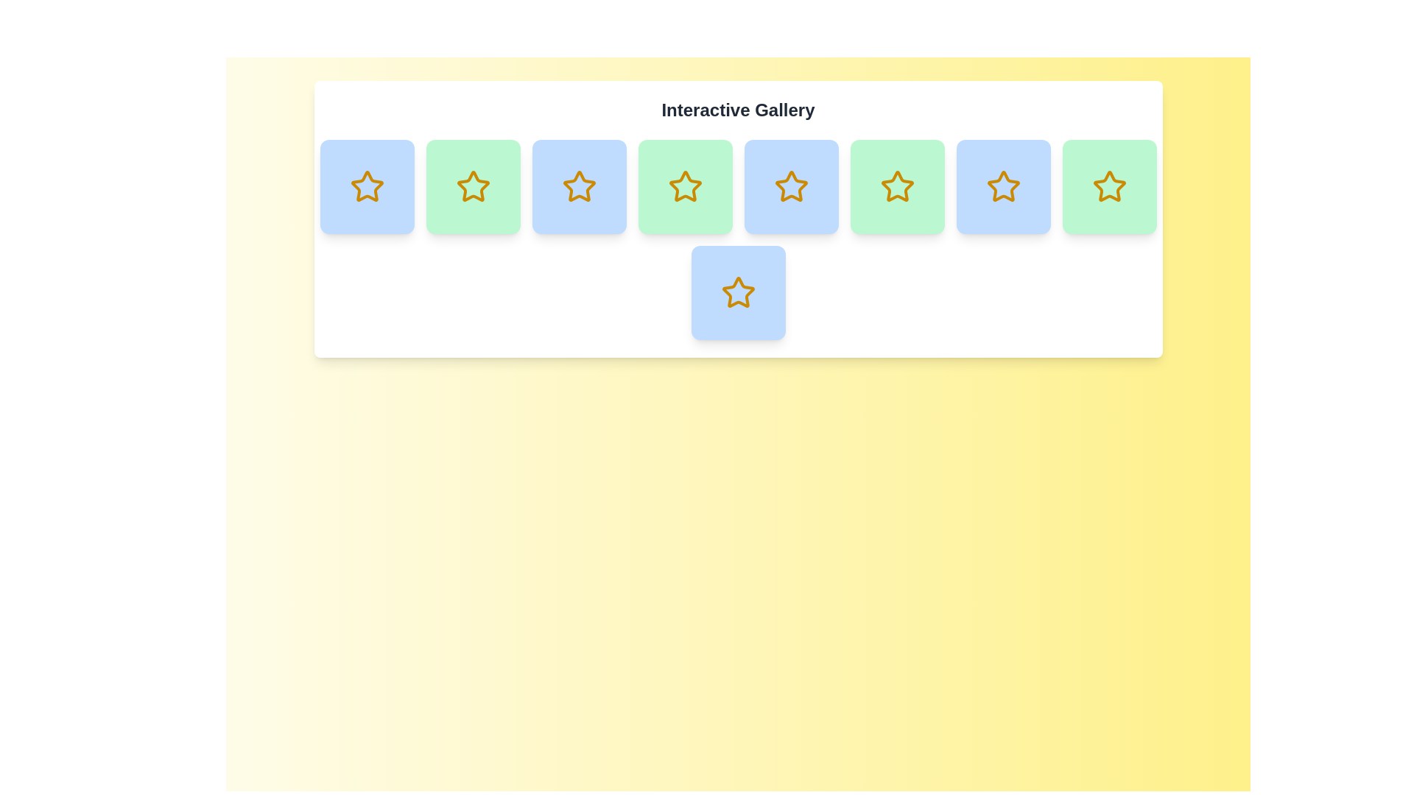  What do you see at coordinates (578, 186) in the screenshot?
I see `the decorative square with a star icon, which is the third square from the left in the top row of the grid layout` at bounding box center [578, 186].